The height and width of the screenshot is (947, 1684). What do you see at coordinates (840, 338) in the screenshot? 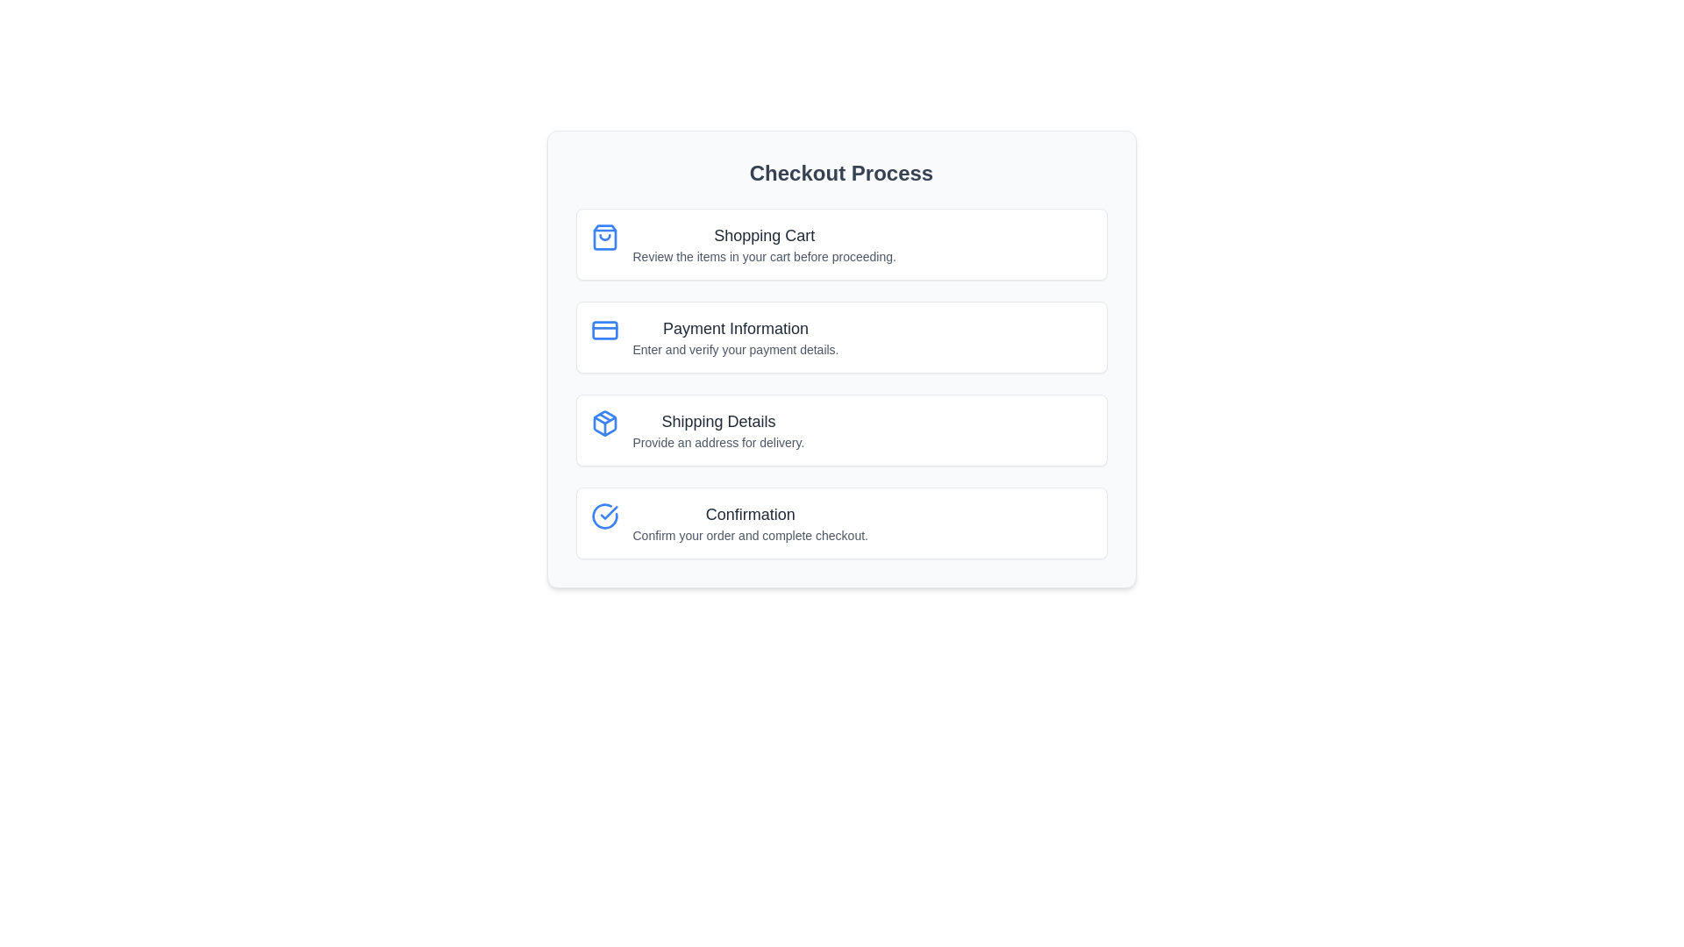
I see `to select the instructional section for providing and verifying payment information located in the card-style layout titled 'Checkout Process', which is beneath the 'Shopping Cart' section` at bounding box center [840, 338].